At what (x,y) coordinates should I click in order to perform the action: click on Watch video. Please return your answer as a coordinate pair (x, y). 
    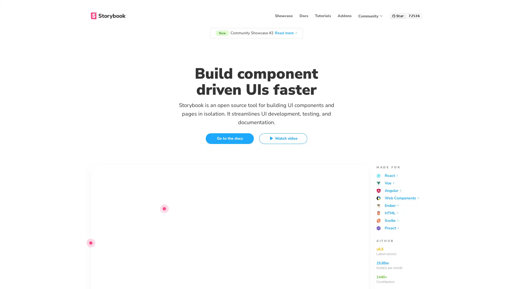
    Looking at the image, I should click on (283, 138).